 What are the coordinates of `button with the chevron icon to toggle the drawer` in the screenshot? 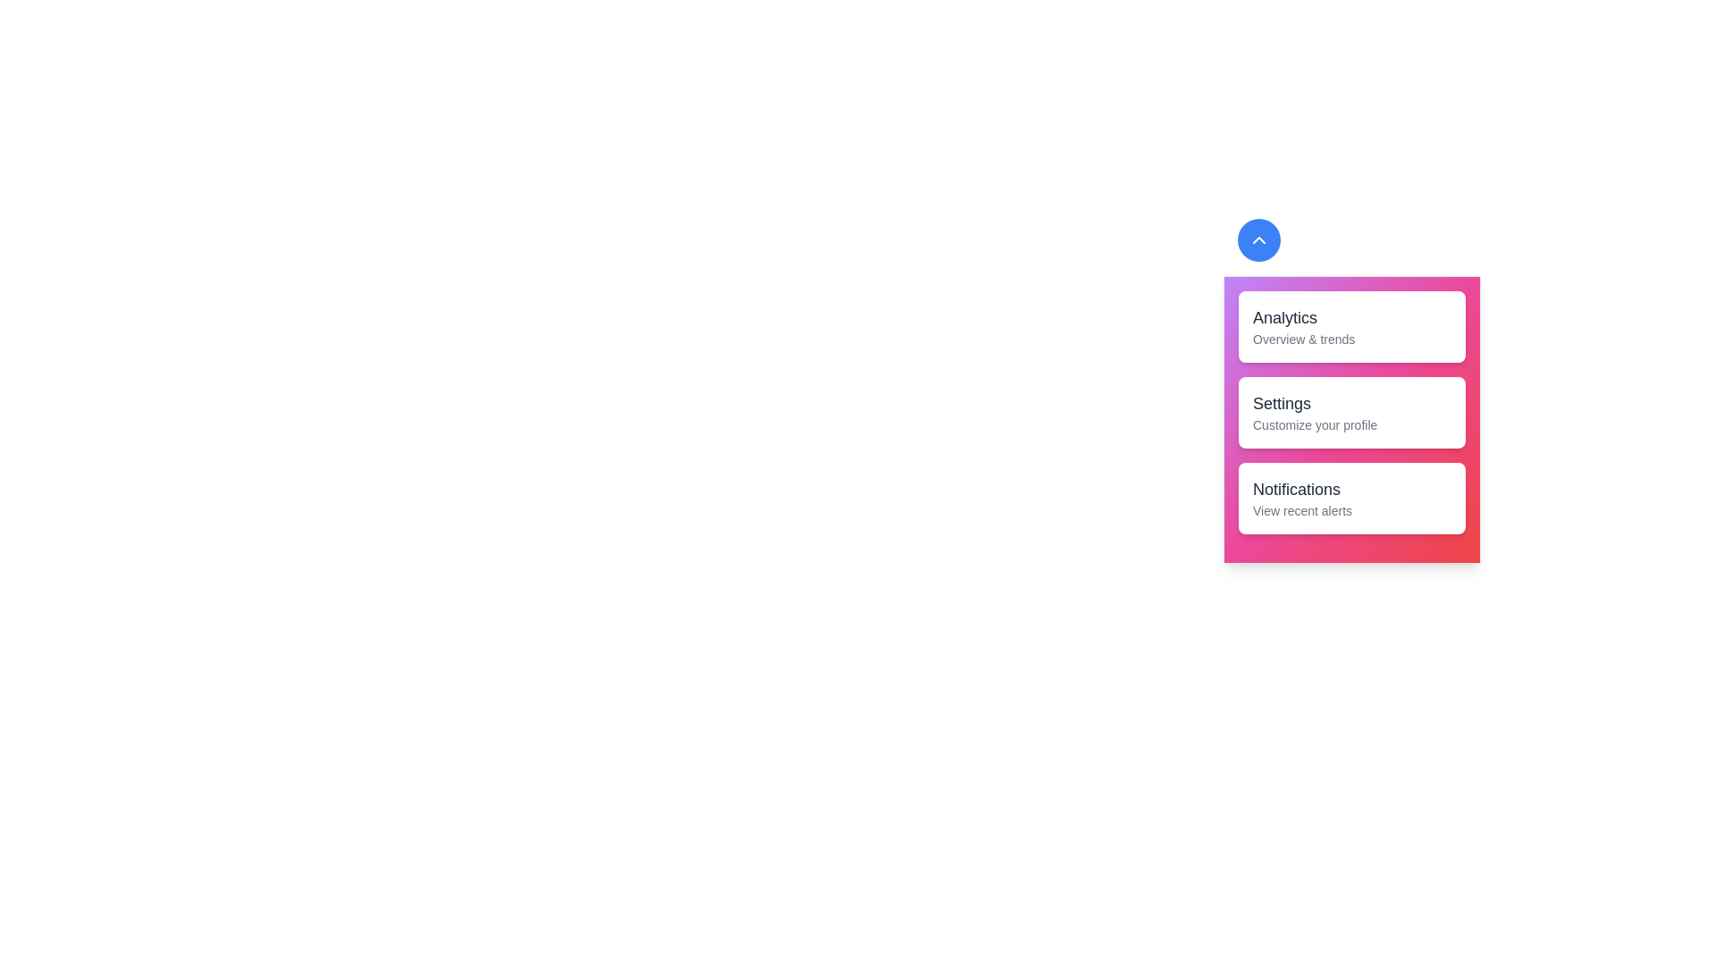 It's located at (1258, 239).